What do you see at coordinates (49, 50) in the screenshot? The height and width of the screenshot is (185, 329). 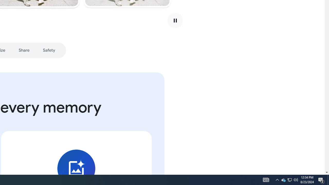 I see `'Go to section: Safety'` at bounding box center [49, 50].